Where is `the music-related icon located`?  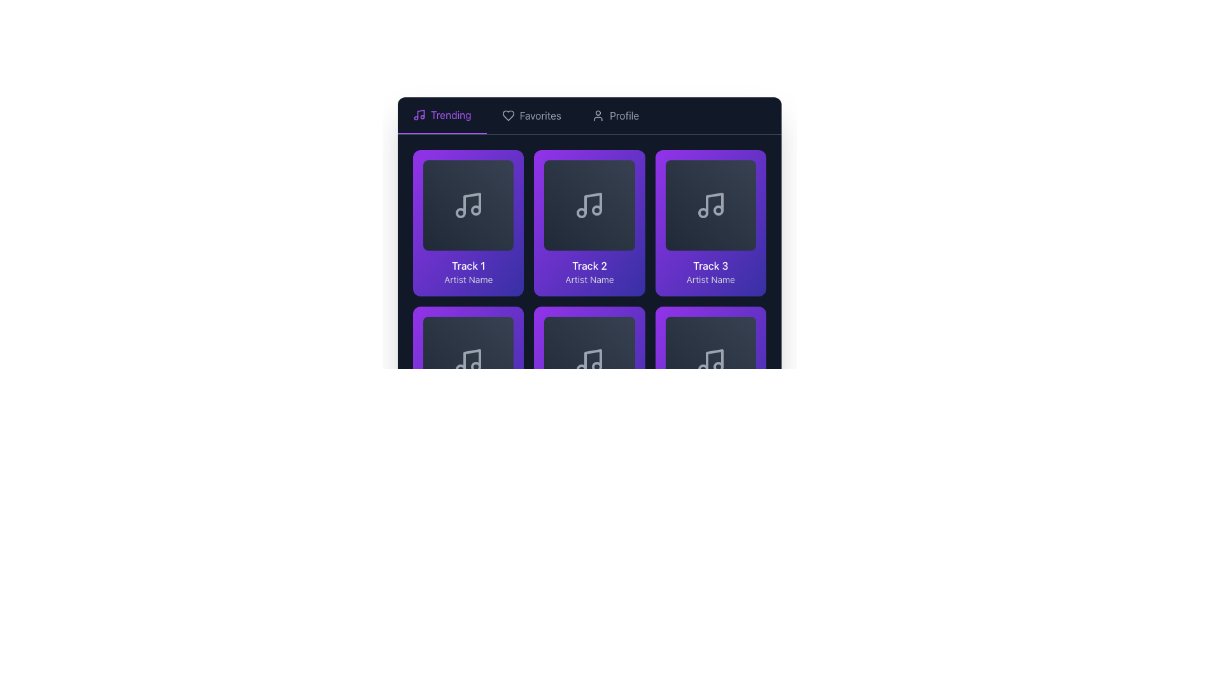 the music-related icon located is located at coordinates (710, 205).